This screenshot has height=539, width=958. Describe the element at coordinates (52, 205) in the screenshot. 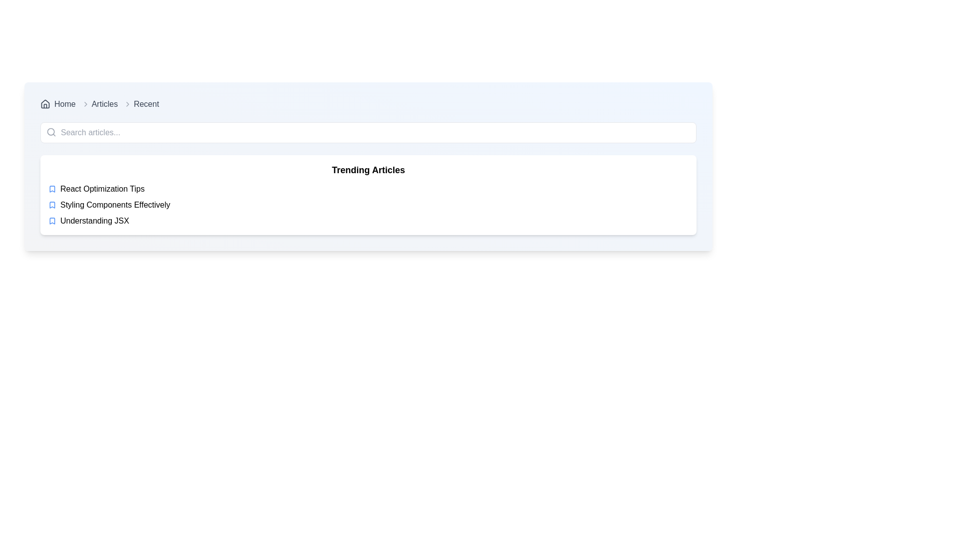

I see `the blue bookmark-shaped icon located to the left of the text 'Styling Components Effectively'` at that location.